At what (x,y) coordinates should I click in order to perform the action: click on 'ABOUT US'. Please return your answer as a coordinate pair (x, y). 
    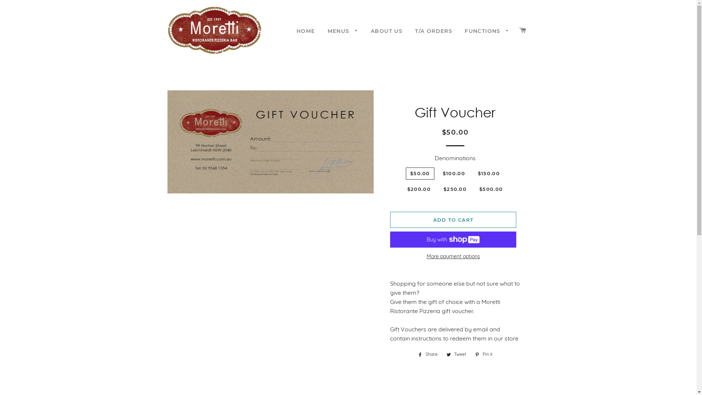
    Looking at the image, I should click on (386, 31).